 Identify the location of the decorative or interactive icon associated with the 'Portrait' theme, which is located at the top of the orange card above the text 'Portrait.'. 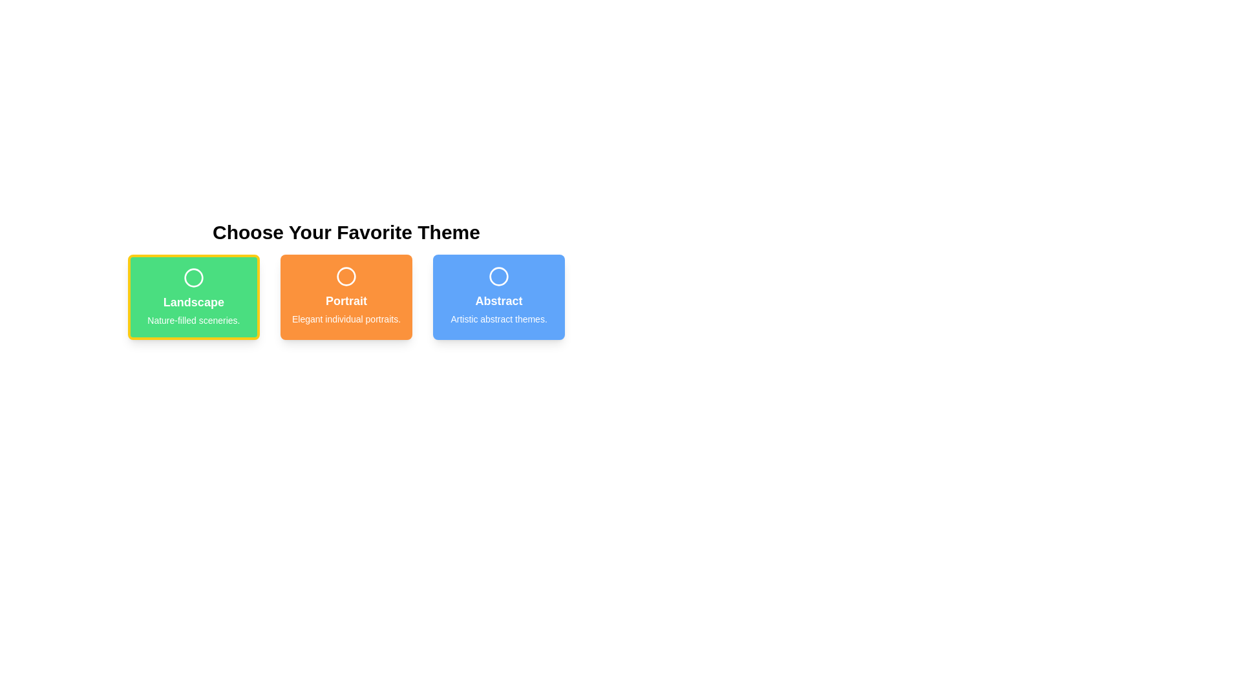
(346, 276).